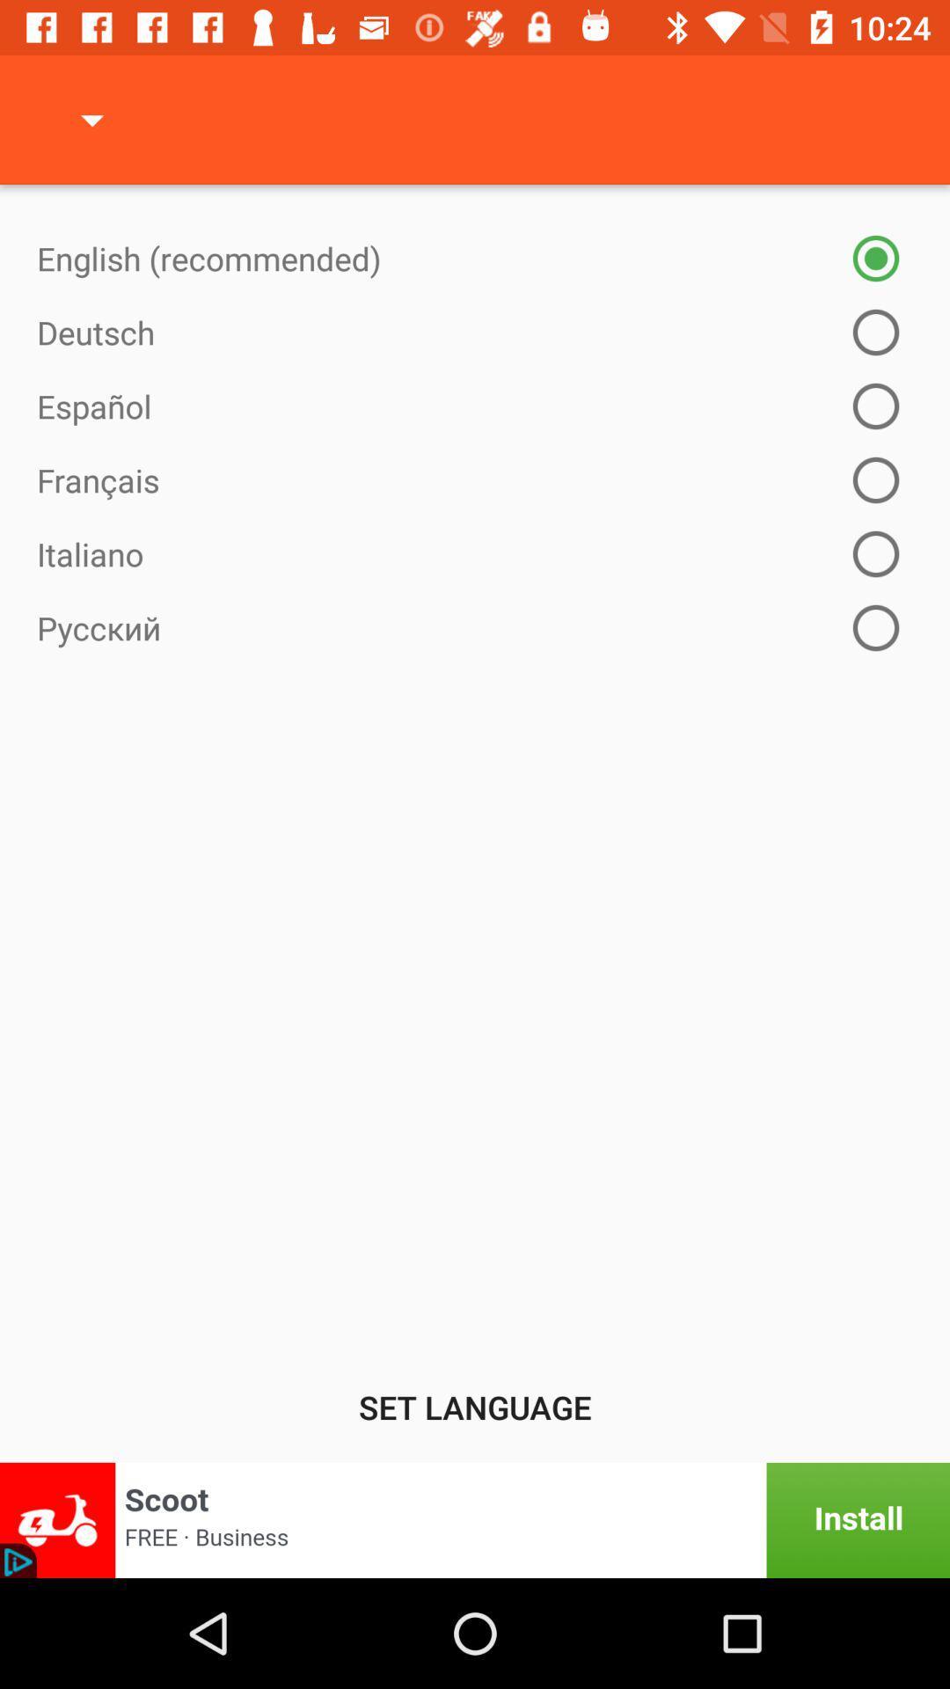 This screenshot has width=950, height=1689. What do you see at coordinates (475, 1406) in the screenshot?
I see `set language` at bounding box center [475, 1406].